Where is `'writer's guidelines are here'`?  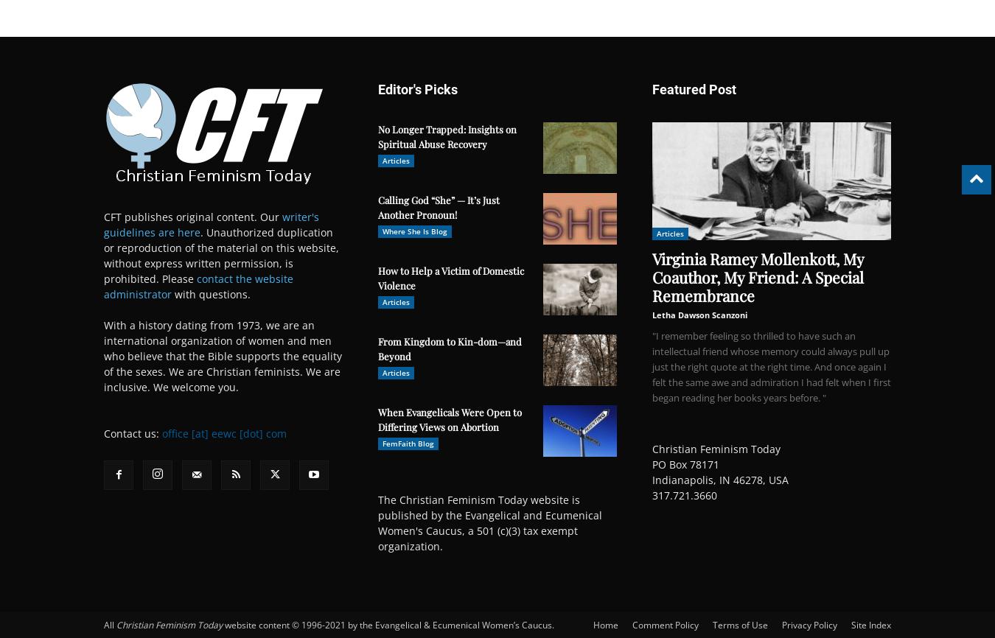
'writer's guidelines are here' is located at coordinates (103, 224).